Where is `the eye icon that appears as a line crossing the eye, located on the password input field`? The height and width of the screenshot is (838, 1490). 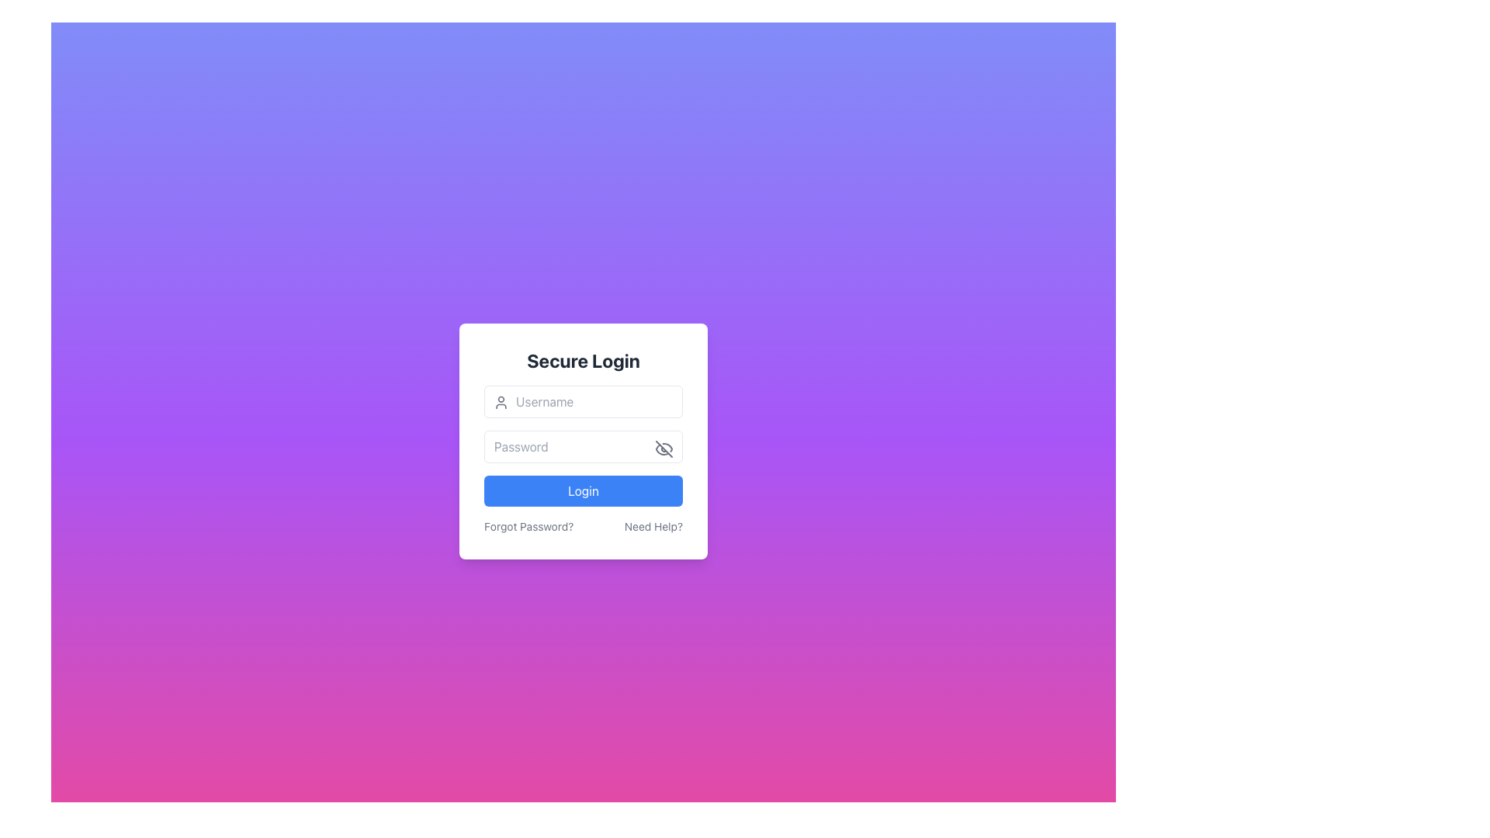 the eye icon that appears as a line crossing the eye, located on the password input field is located at coordinates (664, 448).